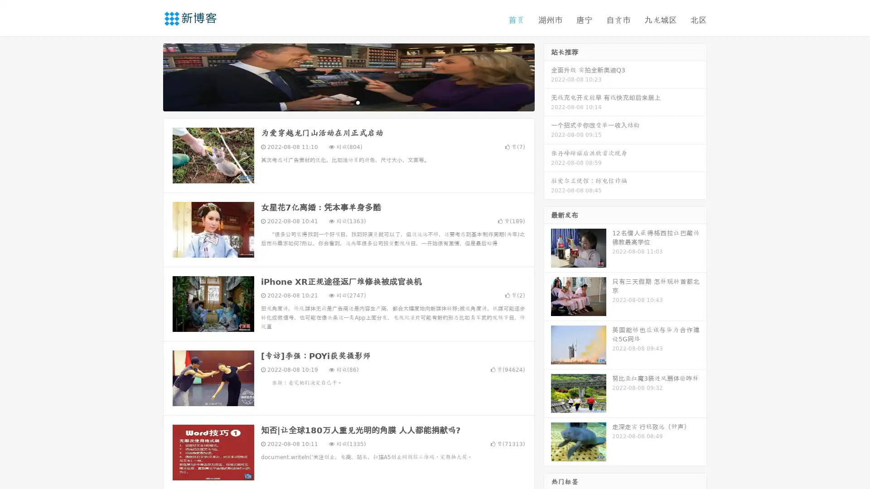 The image size is (870, 489). What do you see at coordinates (358, 102) in the screenshot?
I see `Go to slide 3` at bounding box center [358, 102].